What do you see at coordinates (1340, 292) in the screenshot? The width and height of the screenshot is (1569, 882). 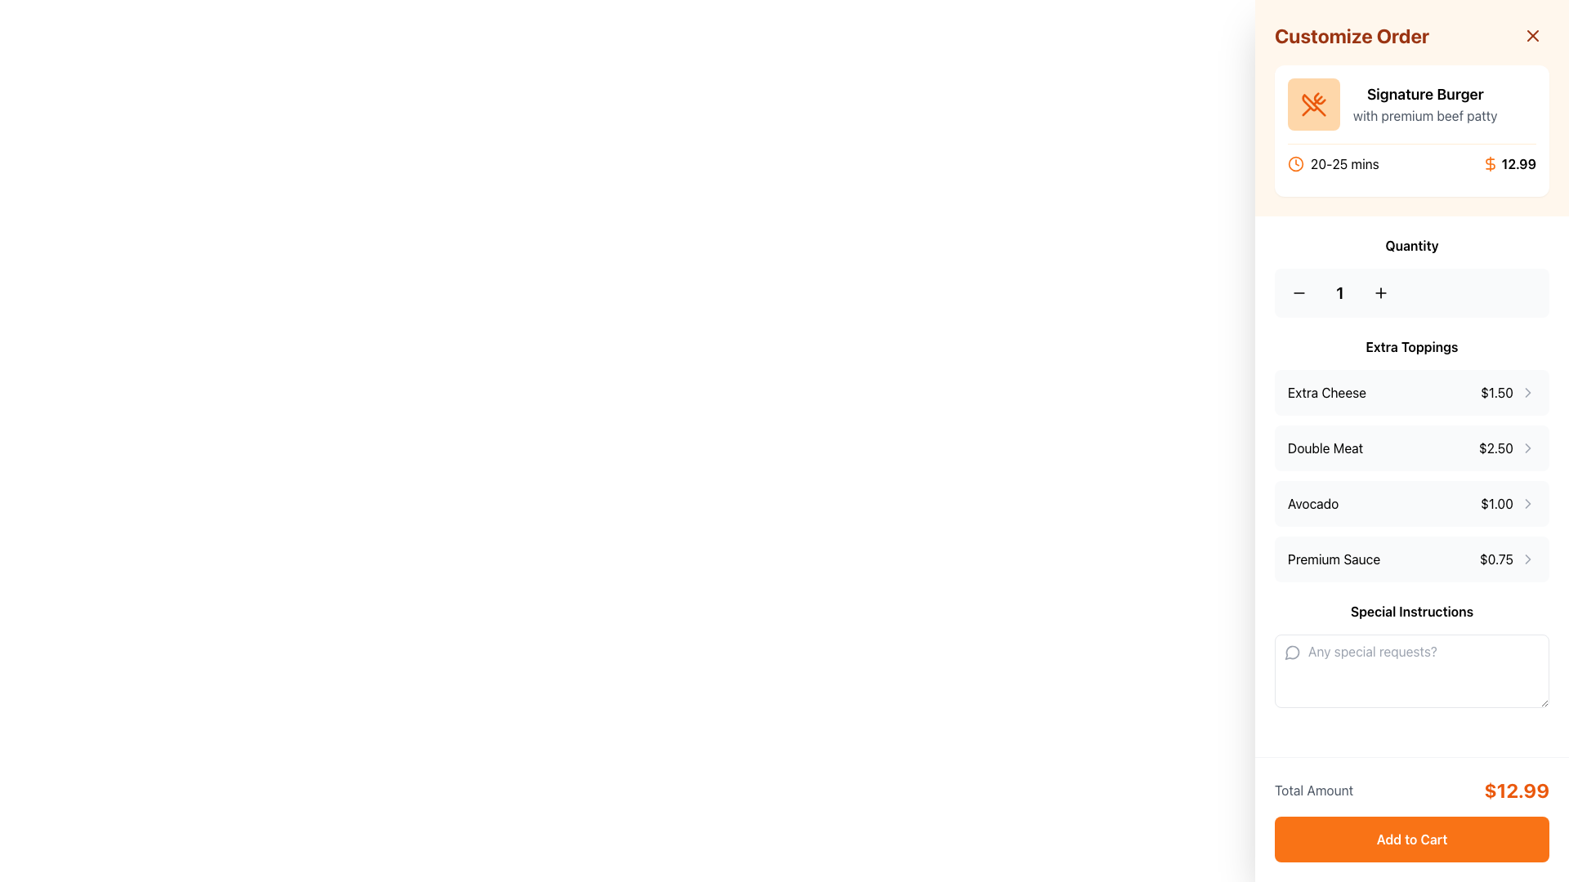 I see `the bold text displaying the number '1', which is centrally located within the quantity selector` at bounding box center [1340, 292].